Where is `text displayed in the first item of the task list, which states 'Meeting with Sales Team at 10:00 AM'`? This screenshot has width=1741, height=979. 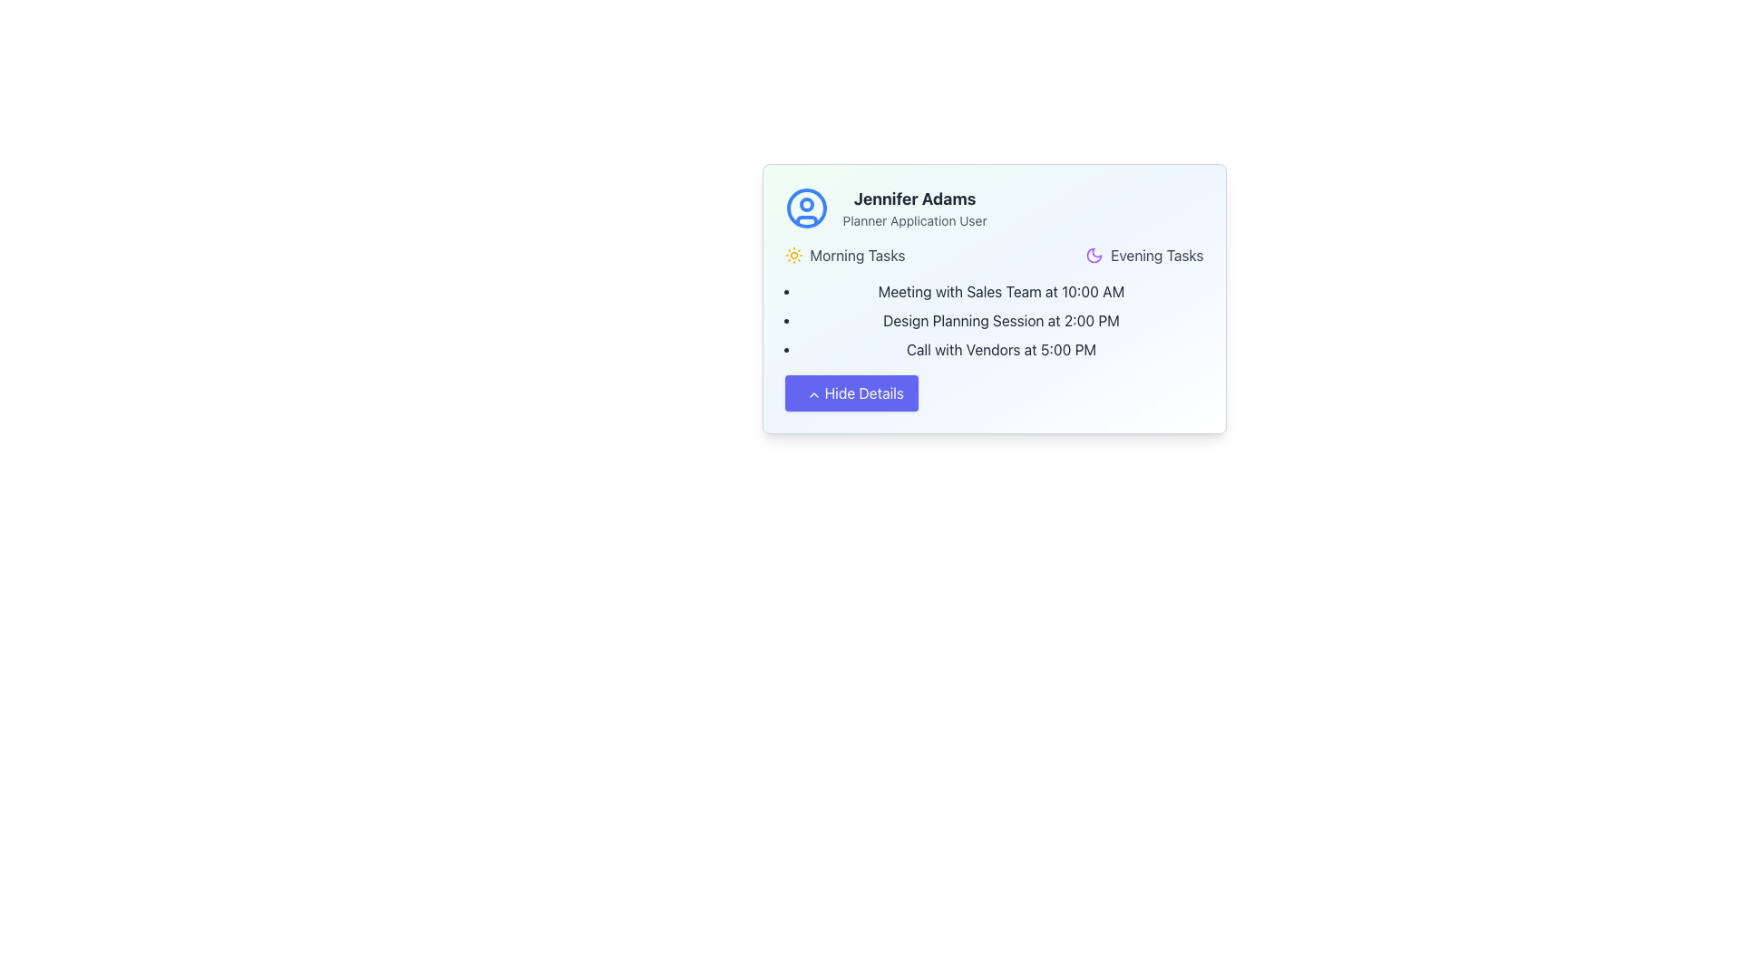
text displayed in the first item of the task list, which states 'Meeting with Sales Team at 10:00 AM' is located at coordinates (1000, 290).